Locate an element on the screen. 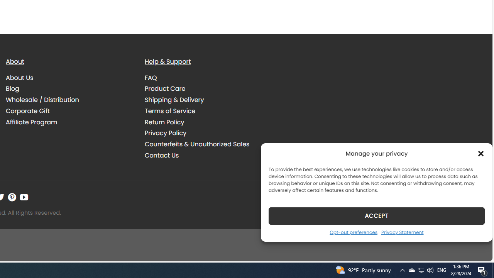 The height and width of the screenshot is (278, 494). 'Wholesale / Distribution' is located at coordinates (42, 99).